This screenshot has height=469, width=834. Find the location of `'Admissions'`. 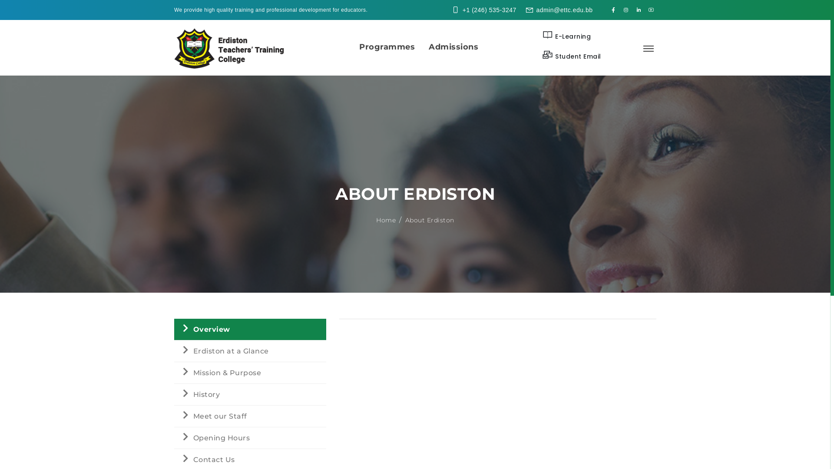

'Admissions' is located at coordinates (450, 46).